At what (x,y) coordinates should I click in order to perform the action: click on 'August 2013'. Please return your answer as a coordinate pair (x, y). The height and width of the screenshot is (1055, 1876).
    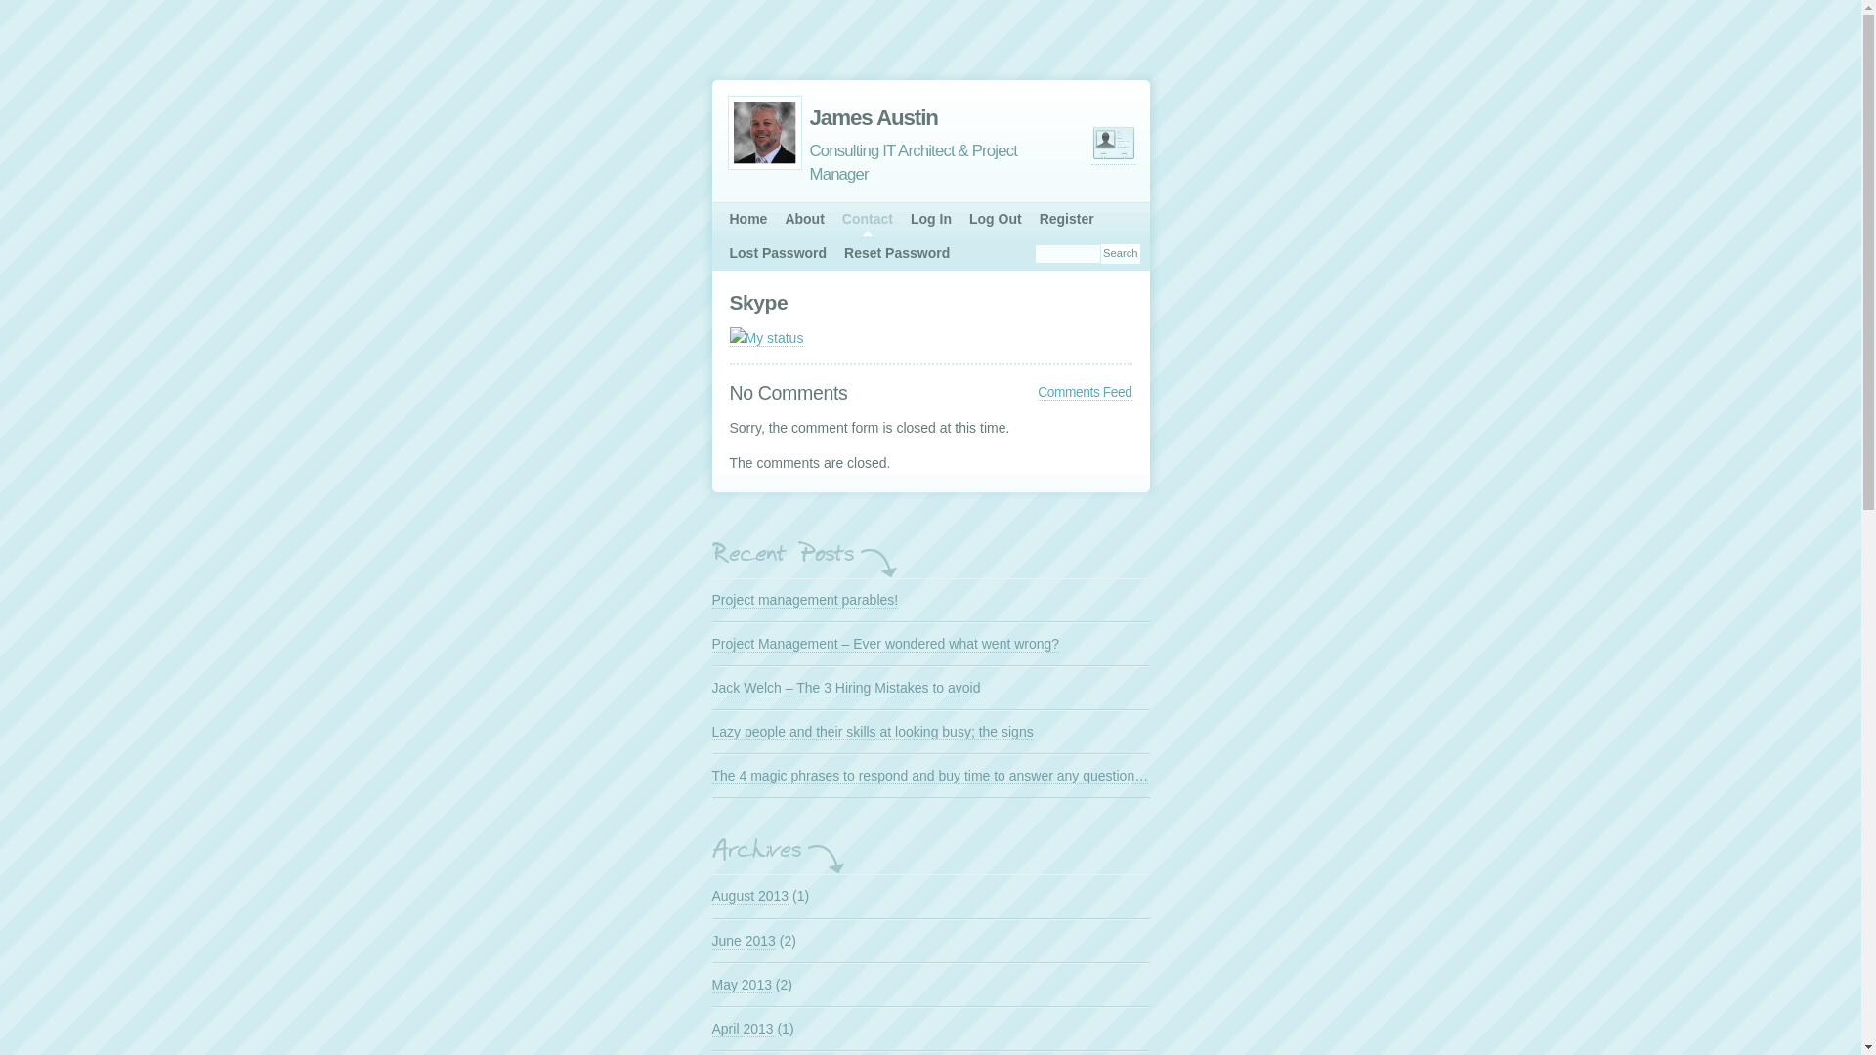
    Looking at the image, I should click on (748, 896).